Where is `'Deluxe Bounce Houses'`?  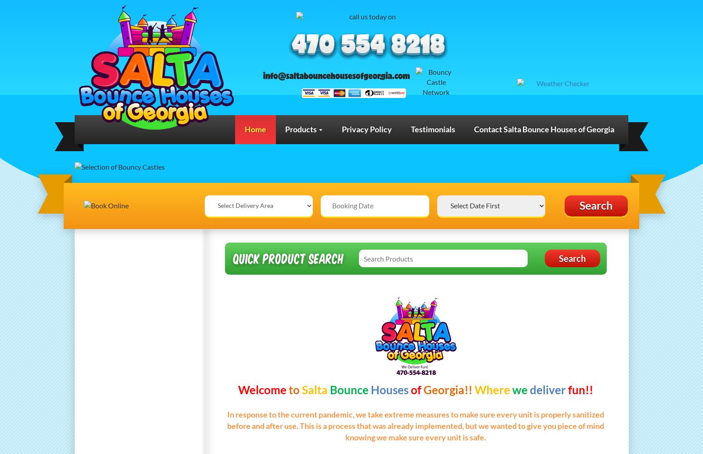
'Deluxe Bounce Houses' is located at coordinates (128, 274).